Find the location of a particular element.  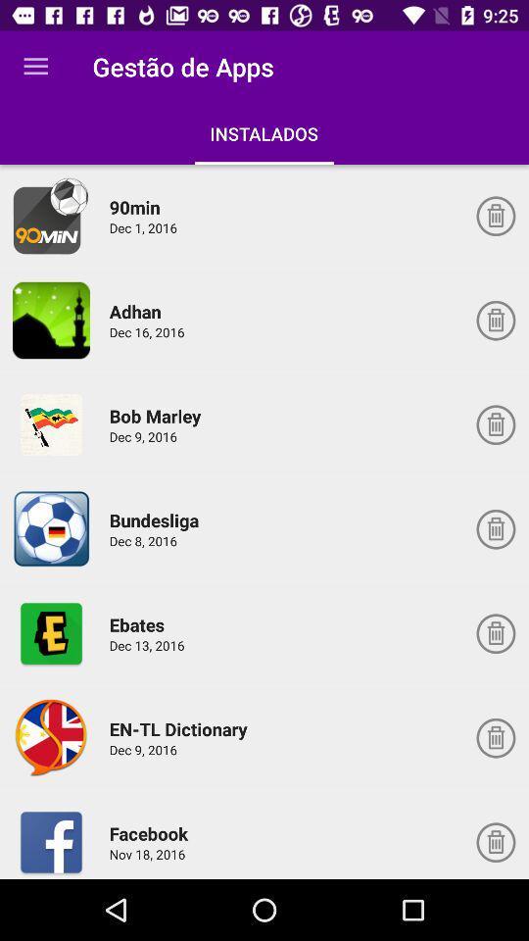

the bob marley icon is located at coordinates (158, 416).